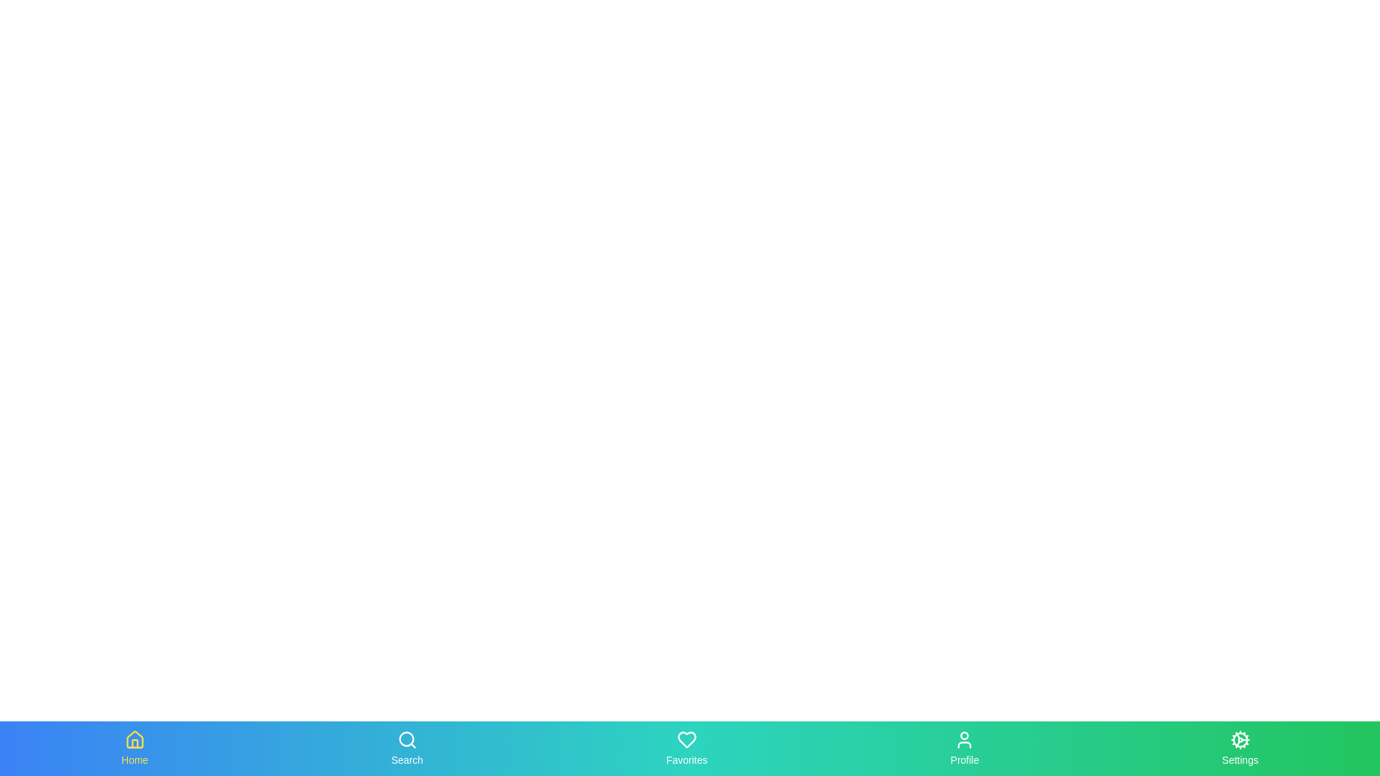 This screenshot has width=1380, height=776. I want to click on the tab labeled Settings to observe the scaling animation, so click(1239, 747).